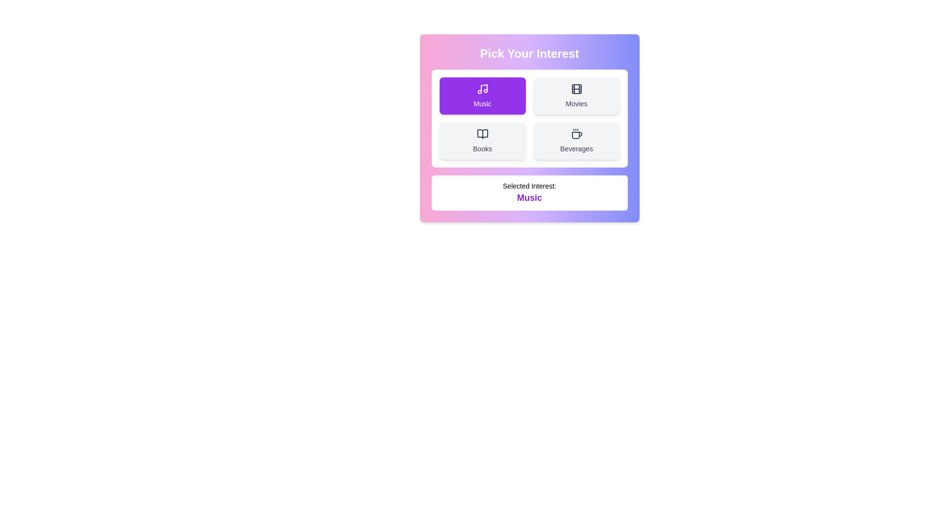 The height and width of the screenshot is (529, 941). I want to click on the button labeled 'Music' to observe the hover effect, so click(482, 96).